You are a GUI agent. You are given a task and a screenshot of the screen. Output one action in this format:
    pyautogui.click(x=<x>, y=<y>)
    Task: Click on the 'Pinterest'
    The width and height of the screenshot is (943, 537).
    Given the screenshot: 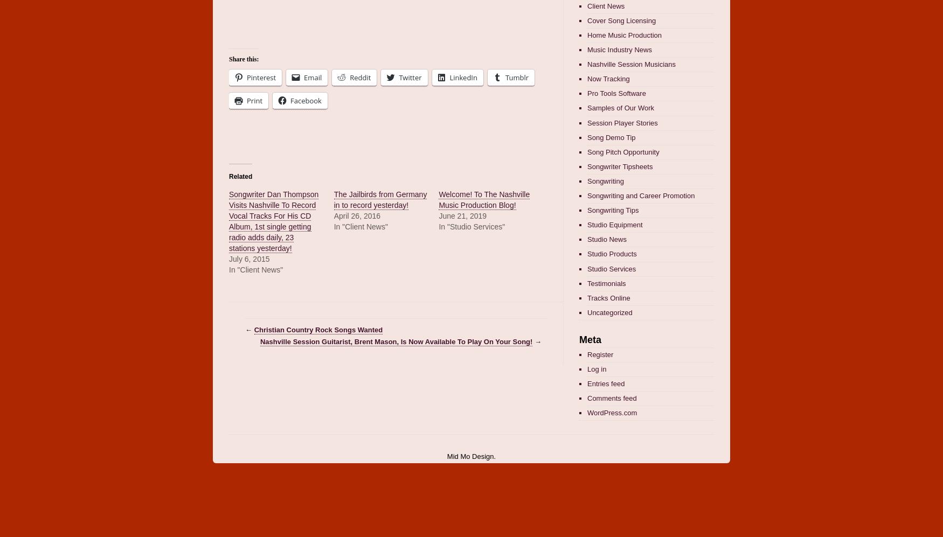 What is the action you would take?
    pyautogui.click(x=261, y=76)
    